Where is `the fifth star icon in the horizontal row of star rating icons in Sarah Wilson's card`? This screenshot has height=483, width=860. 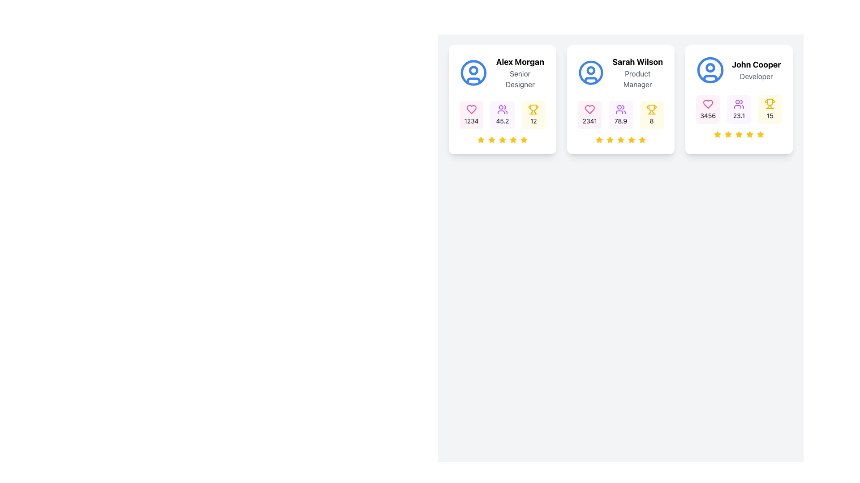
the fifth star icon in the horizontal row of star rating icons in Sarah Wilson's card is located at coordinates (631, 140).